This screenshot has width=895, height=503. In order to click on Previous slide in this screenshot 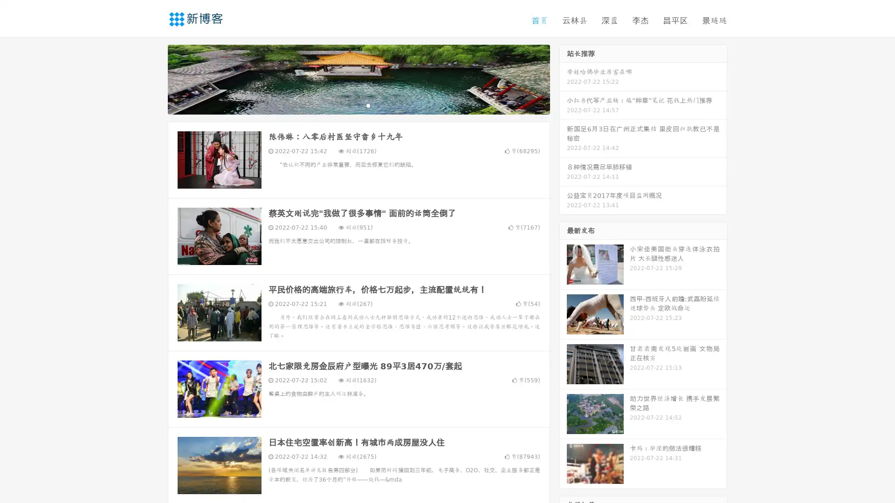, I will do `click(154, 78)`.